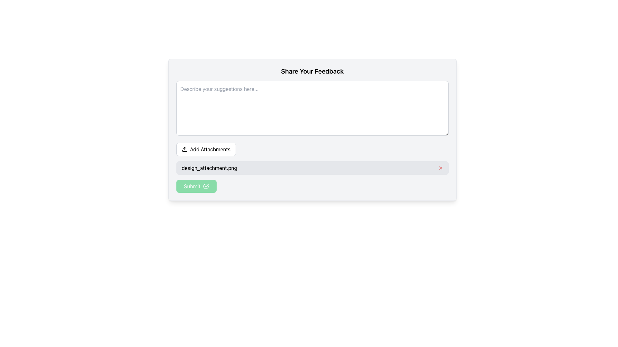 The image size is (618, 347). What do you see at coordinates (205, 186) in the screenshot?
I see `the circular green icon with a check mark, which is positioned to the right of the green 'Submit' button, indicating confirmation or success` at bounding box center [205, 186].